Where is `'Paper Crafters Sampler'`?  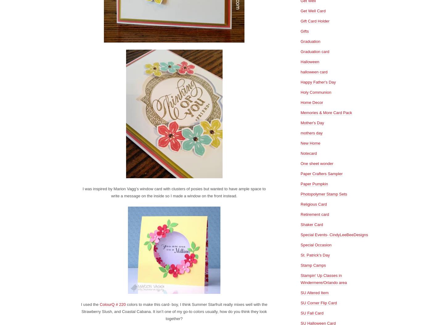
'Paper Crafters Sampler' is located at coordinates (321, 173).